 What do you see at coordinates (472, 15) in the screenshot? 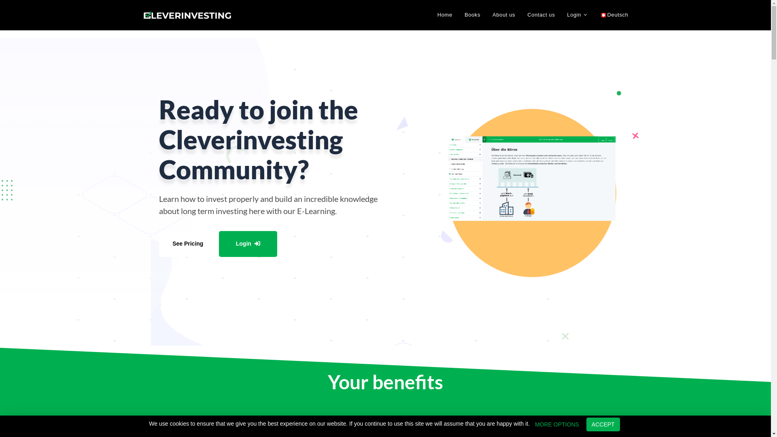
I see `'Books'` at bounding box center [472, 15].